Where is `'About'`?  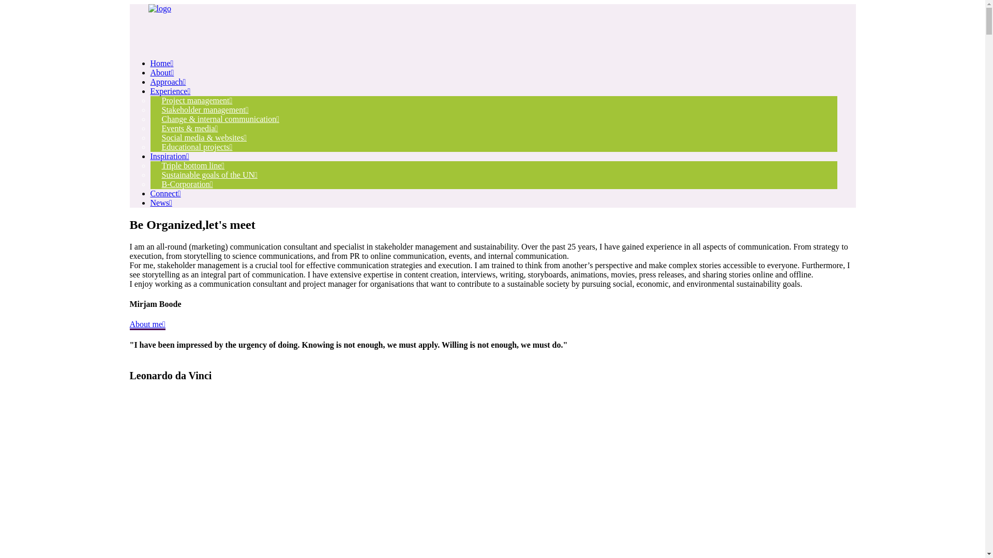 'About' is located at coordinates (161, 72).